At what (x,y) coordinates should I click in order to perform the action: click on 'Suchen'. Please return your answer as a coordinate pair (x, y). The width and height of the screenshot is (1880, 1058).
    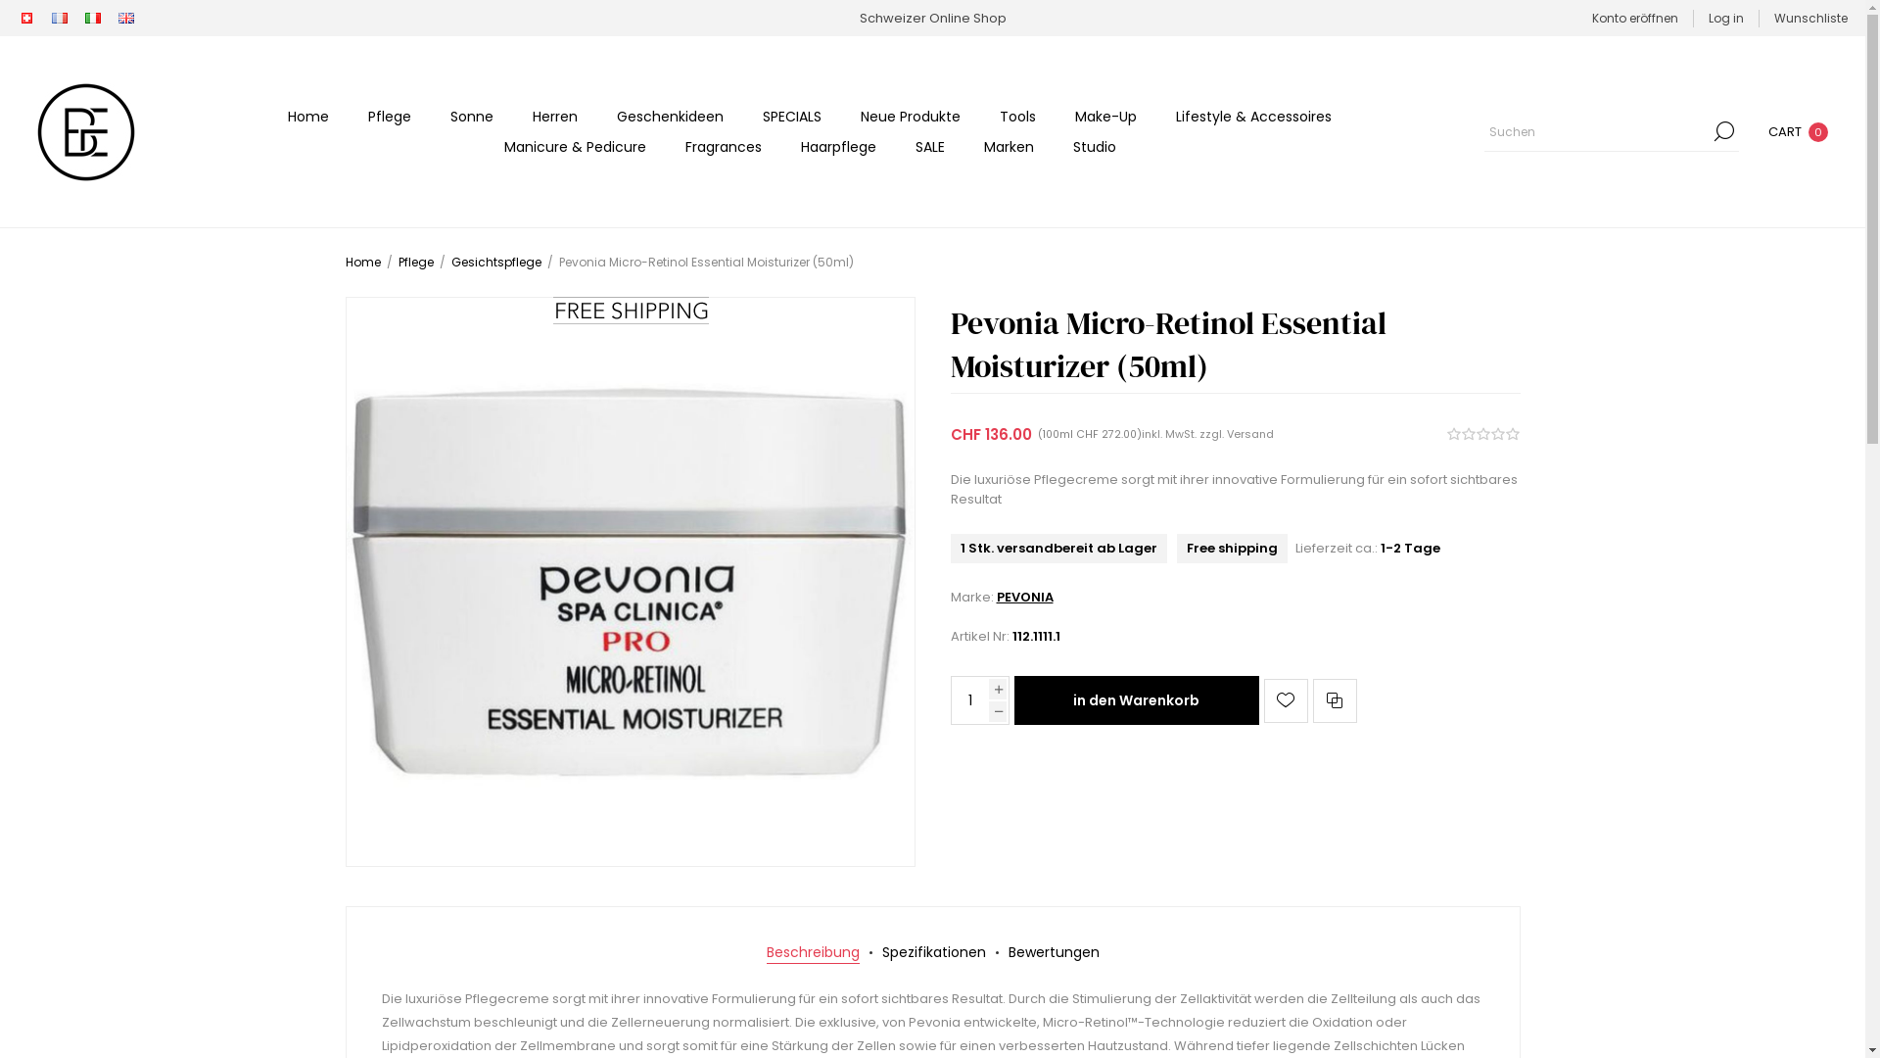
    Looking at the image, I should click on (1724, 131).